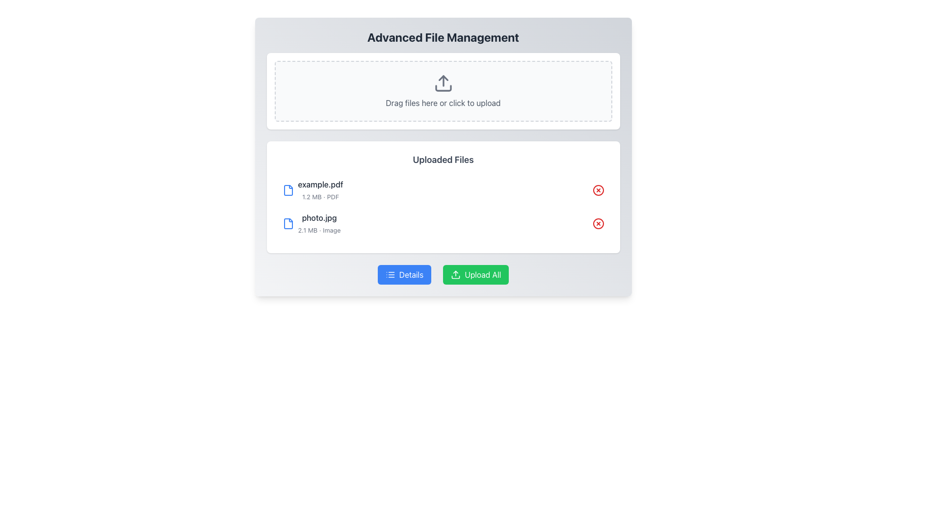  What do you see at coordinates (483, 274) in the screenshot?
I see `the static text label for the 'Upload All' button, which is located in the bottom-right section of the interface` at bounding box center [483, 274].